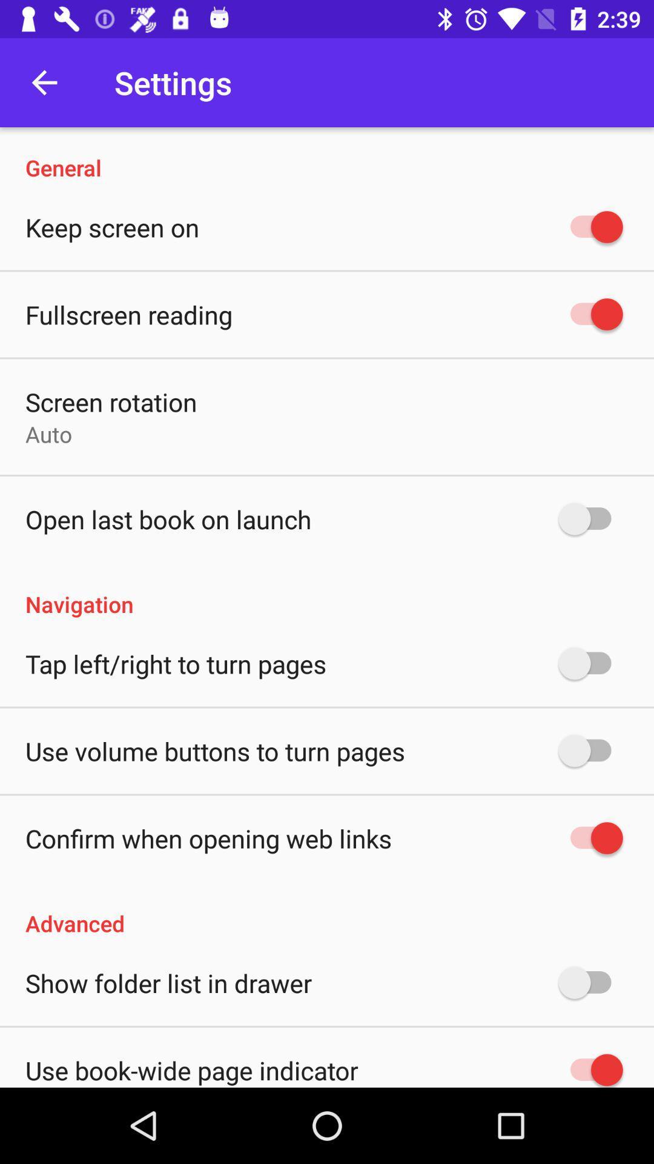  What do you see at coordinates (128, 314) in the screenshot?
I see `the fullscreen reading icon` at bounding box center [128, 314].